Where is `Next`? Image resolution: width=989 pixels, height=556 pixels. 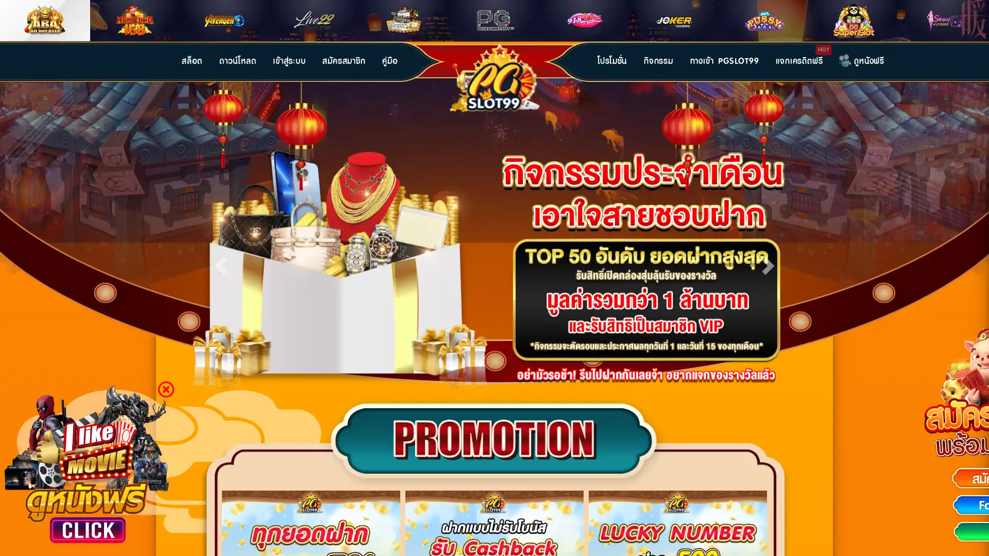 Next is located at coordinates (768, 263).